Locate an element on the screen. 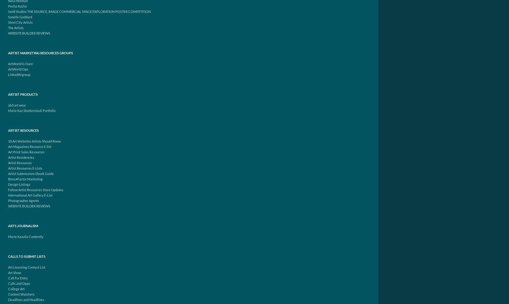 Image resolution: width=509 pixels, height=304 pixels. 'Artist Resources E-Lists' is located at coordinates (25, 168).